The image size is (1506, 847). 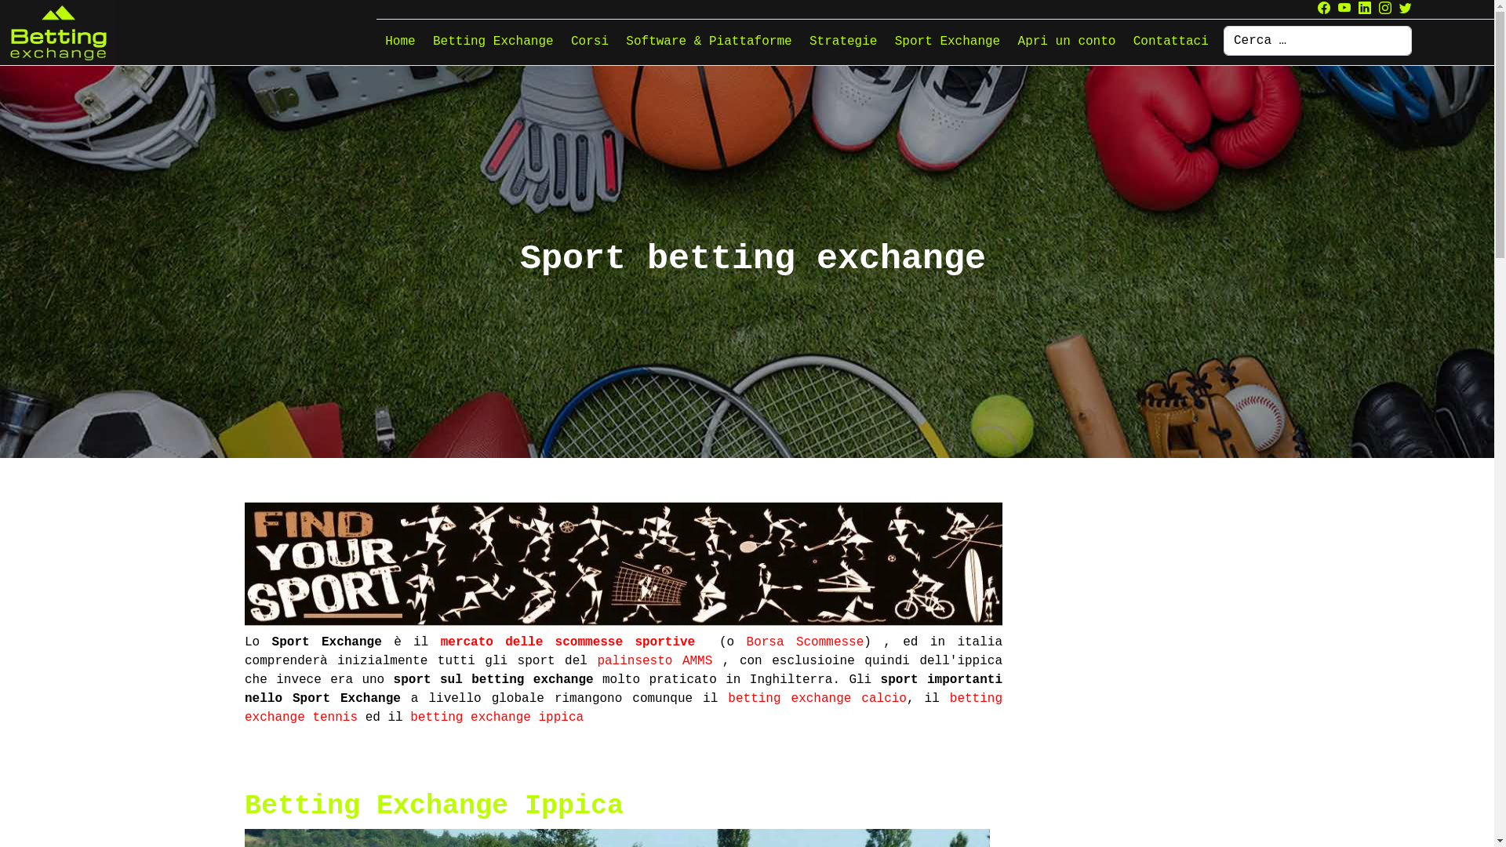 I want to click on 'Apri un conto', so click(x=1009, y=41).